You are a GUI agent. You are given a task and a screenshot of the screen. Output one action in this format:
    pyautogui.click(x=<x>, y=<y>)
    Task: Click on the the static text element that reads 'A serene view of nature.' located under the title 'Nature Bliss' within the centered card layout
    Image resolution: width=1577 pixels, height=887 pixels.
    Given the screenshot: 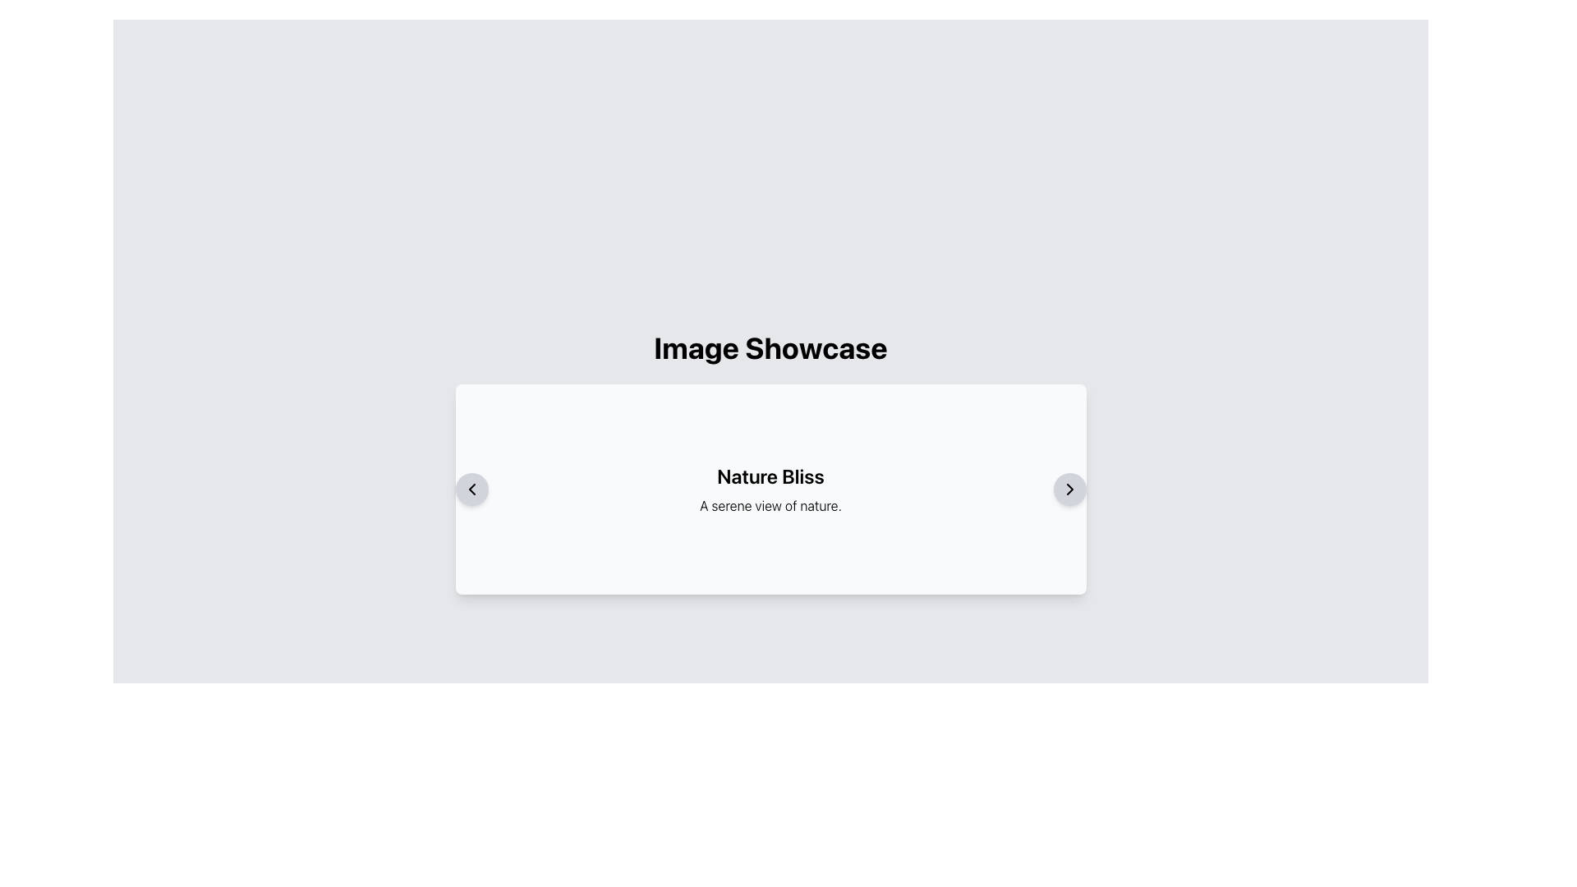 What is the action you would take?
    pyautogui.click(x=770, y=505)
    